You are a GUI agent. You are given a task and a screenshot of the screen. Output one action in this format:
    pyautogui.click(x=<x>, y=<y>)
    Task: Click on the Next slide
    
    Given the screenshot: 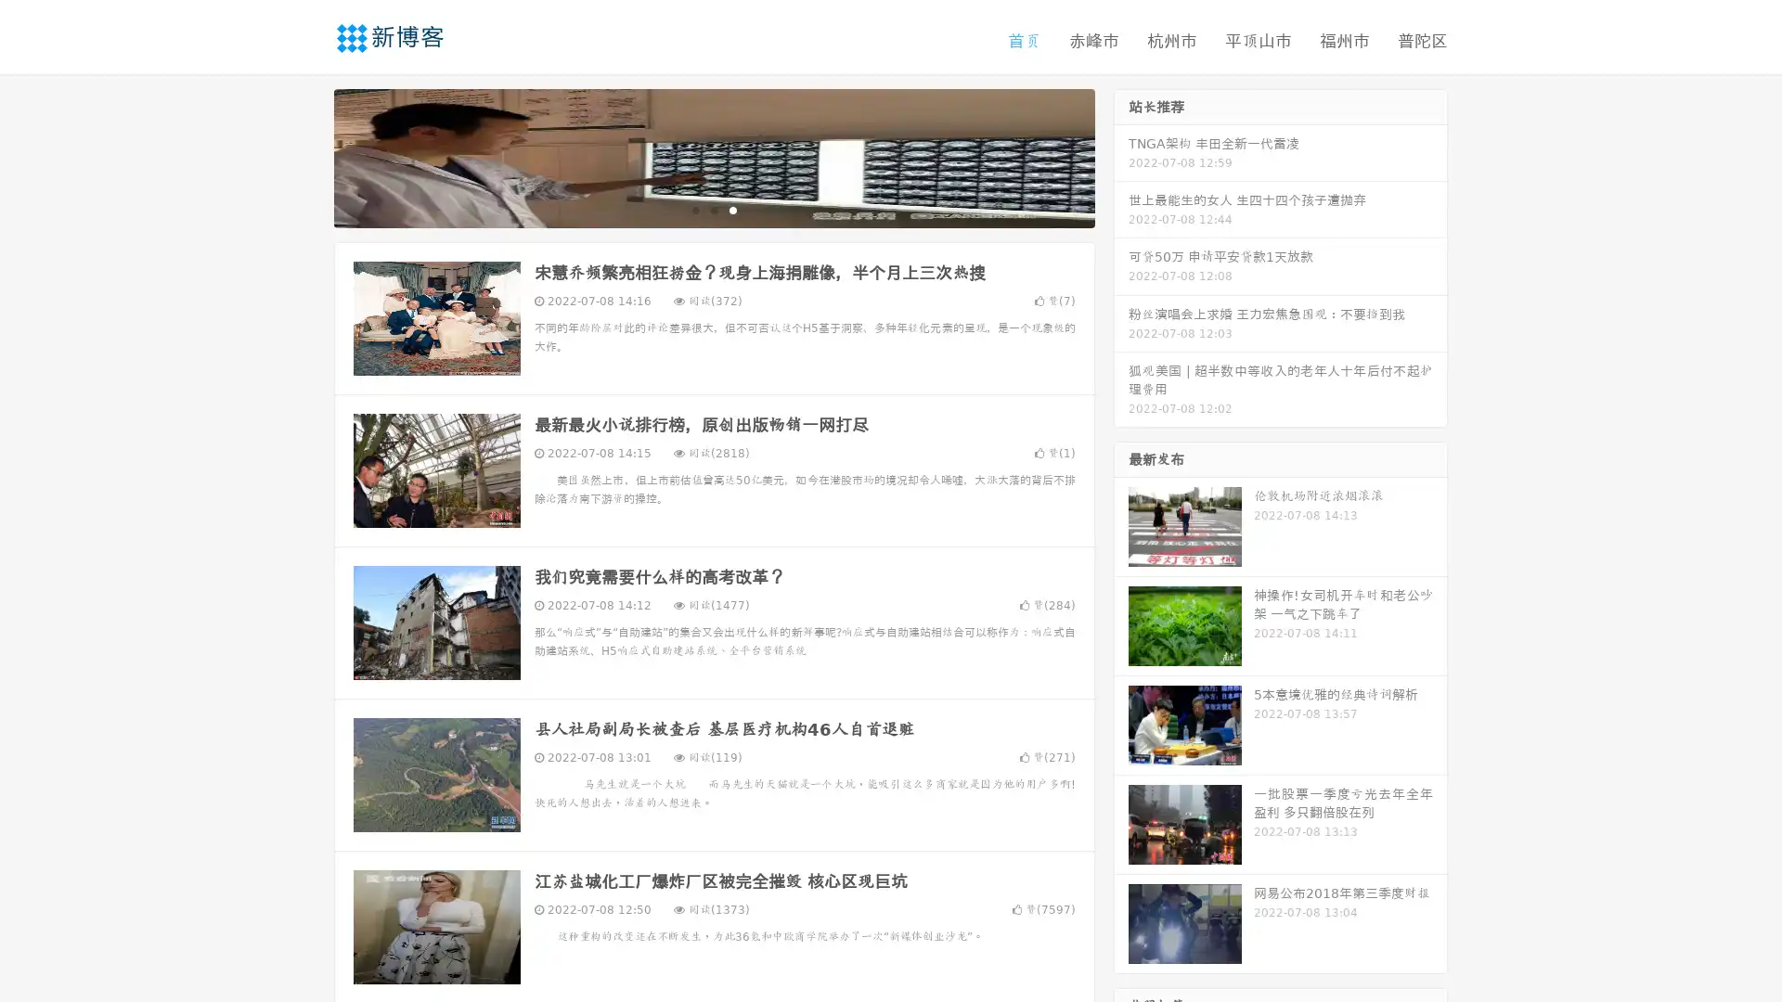 What is the action you would take?
    pyautogui.click(x=1121, y=156)
    